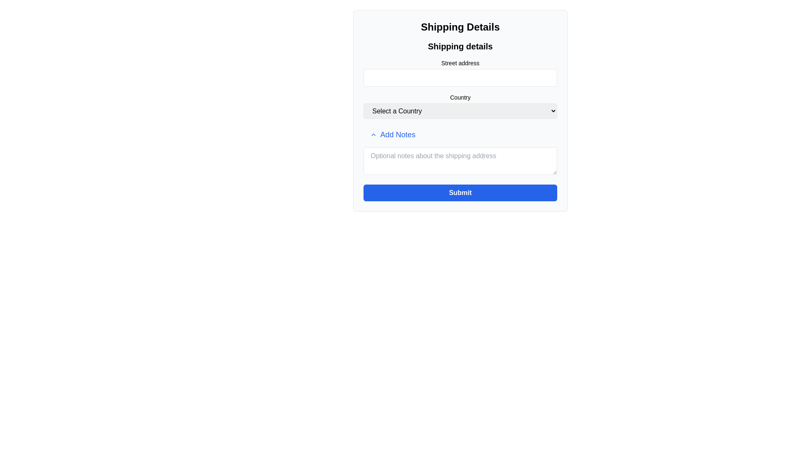 The image size is (805, 452). Describe the element at coordinates (460, 193) in the screenshot. I see `the submission button located at the bottom of the 'Shipping Details' section to trigger a potential styling change` at that location.